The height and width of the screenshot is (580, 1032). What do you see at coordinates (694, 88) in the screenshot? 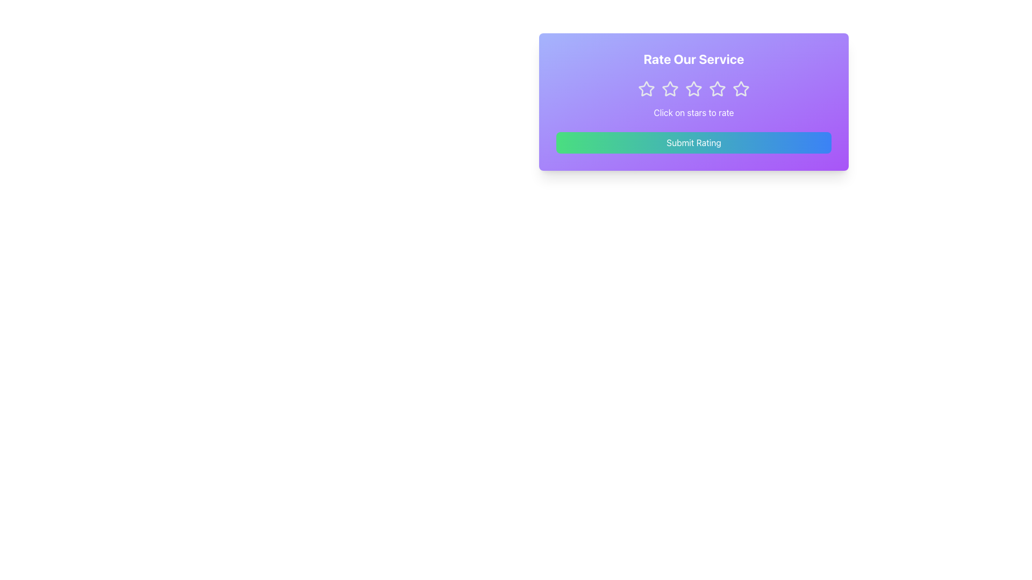
I see `the fourth star in the rating component` at bounding box center [694, 88].